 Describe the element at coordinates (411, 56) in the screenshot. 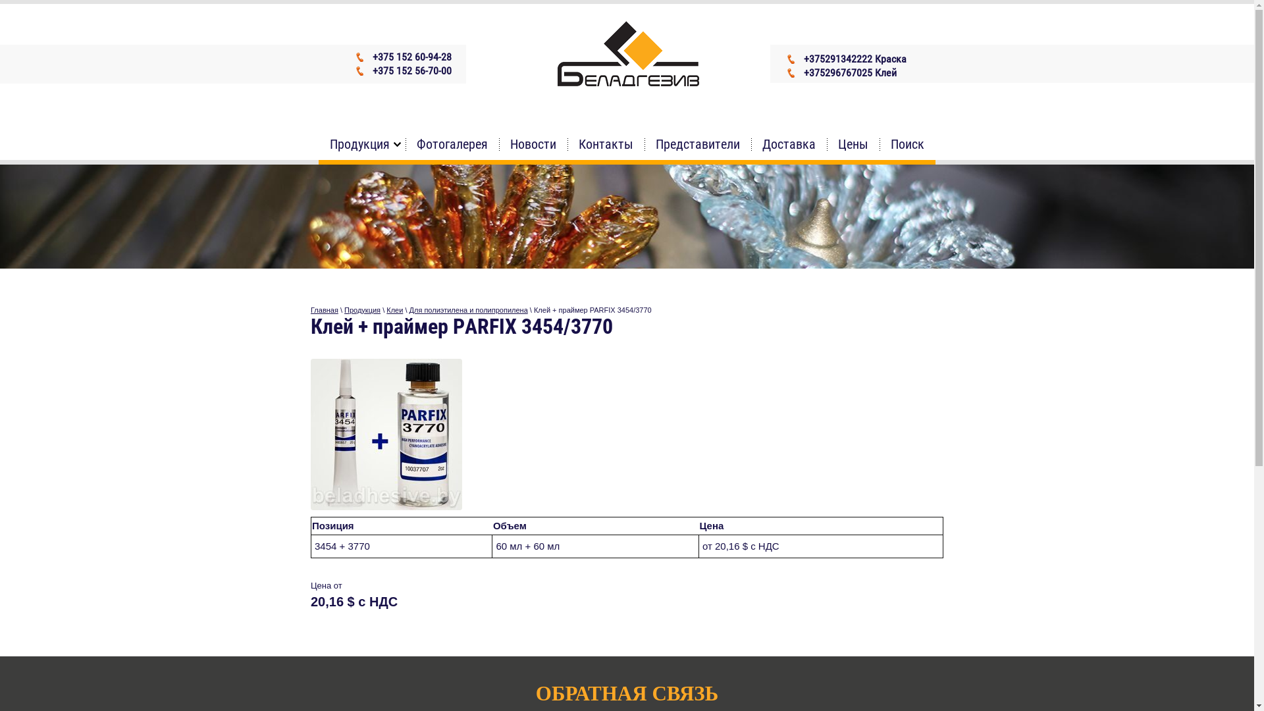

I see `'+375 152 60-94-28'` at that location.